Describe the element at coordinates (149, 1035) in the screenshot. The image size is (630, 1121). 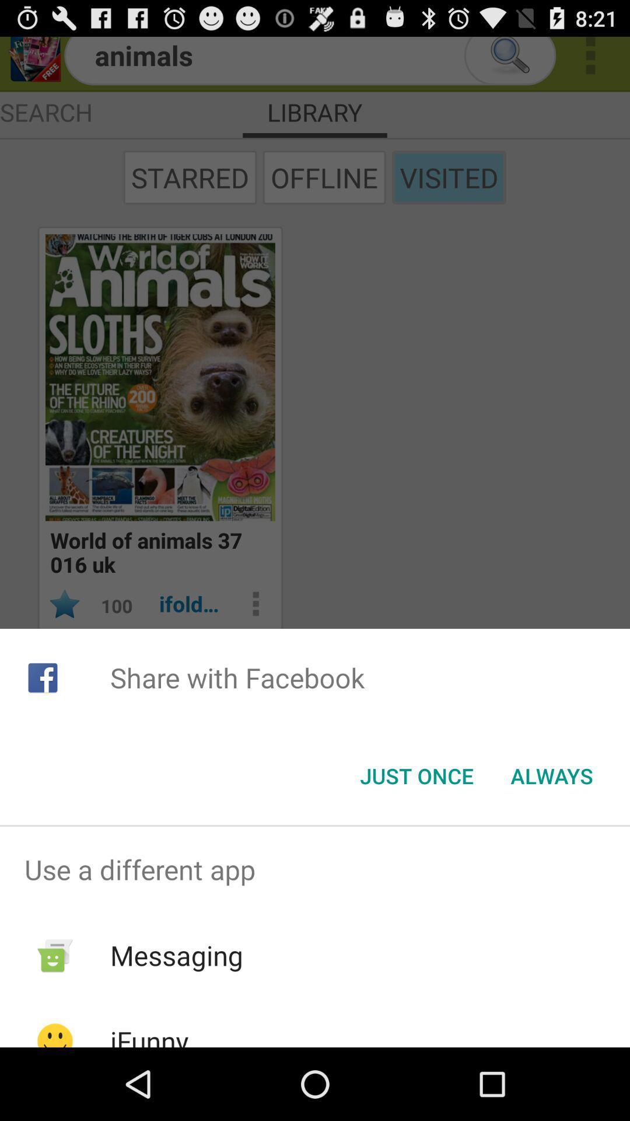
I see `the icon below messaging item` at that location.